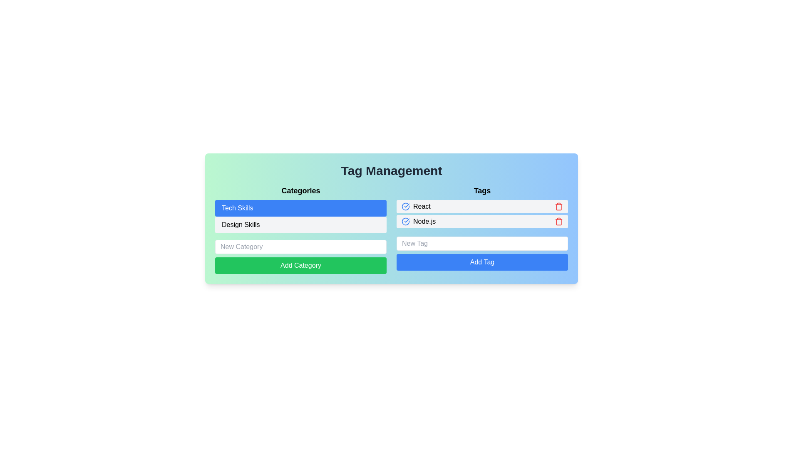  What do you see at coordinates (405, 221) in the screenshot?
I see `the visual indicator icon representing the active state of the 'Node.js' tag, located to the left of the text 'Node.js' in the Tags section` at bounding box center [405, 221].